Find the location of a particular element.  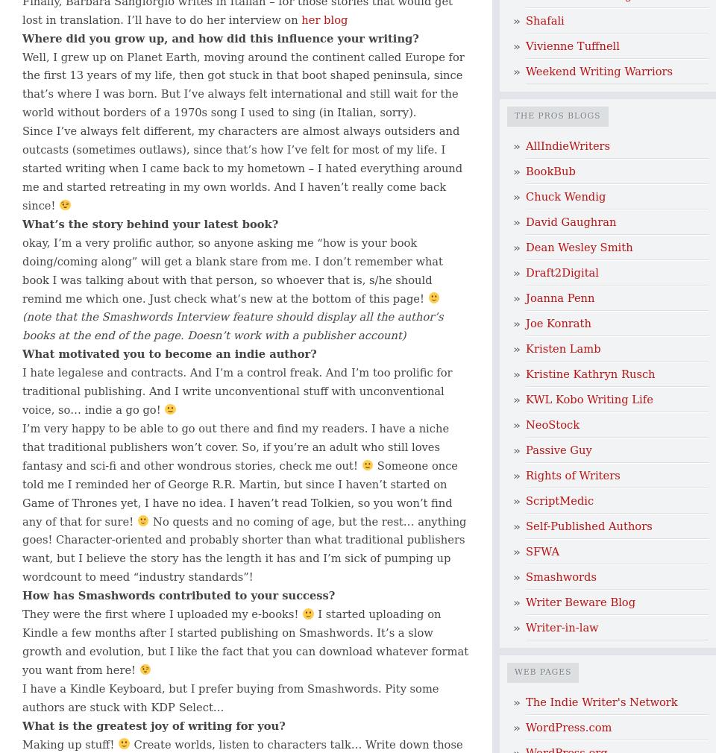

'SFWA' is located at coordinates (541, 550).